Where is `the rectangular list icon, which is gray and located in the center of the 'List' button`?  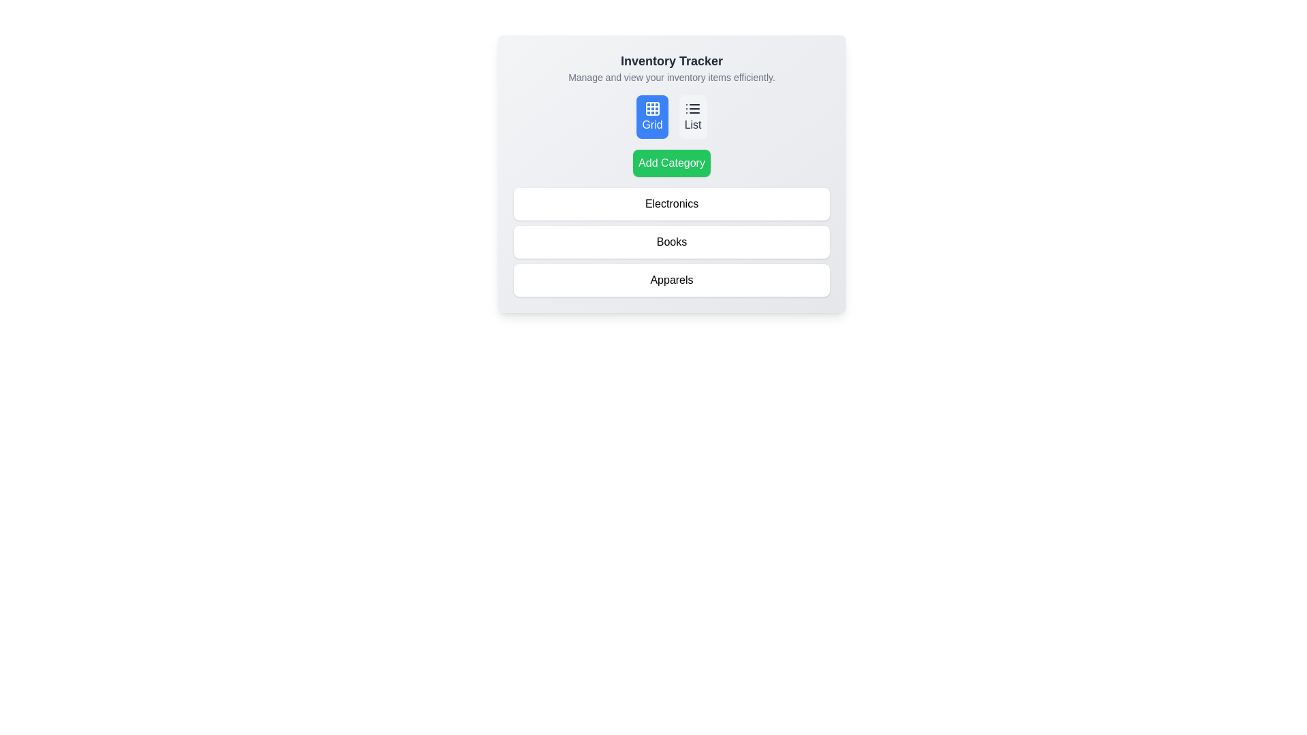 the rectangular list icon, which is gray and located in the center of the 'List' button is located at coordinates (693, 108).